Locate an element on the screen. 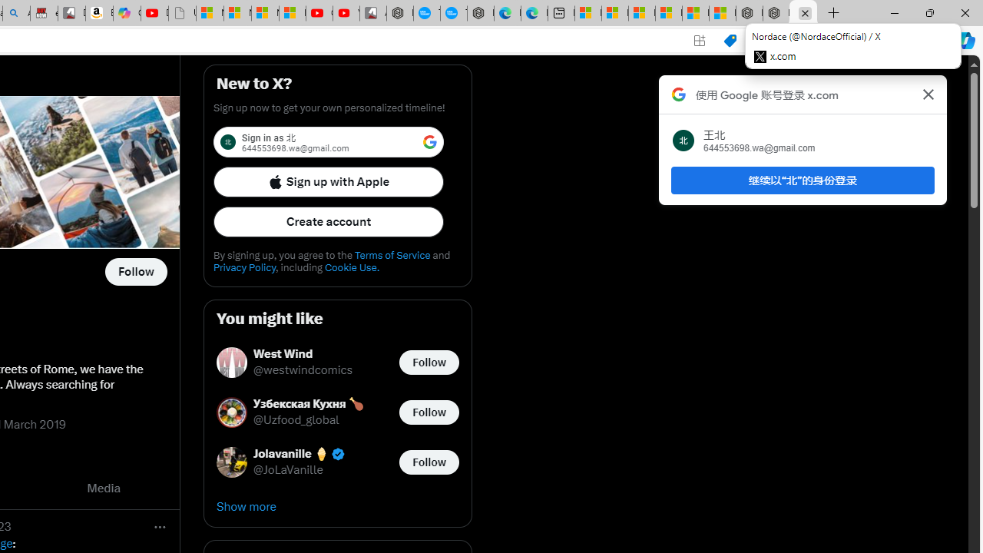 The image size is (983, 553). 'More' is located at coordinates (160, 525).